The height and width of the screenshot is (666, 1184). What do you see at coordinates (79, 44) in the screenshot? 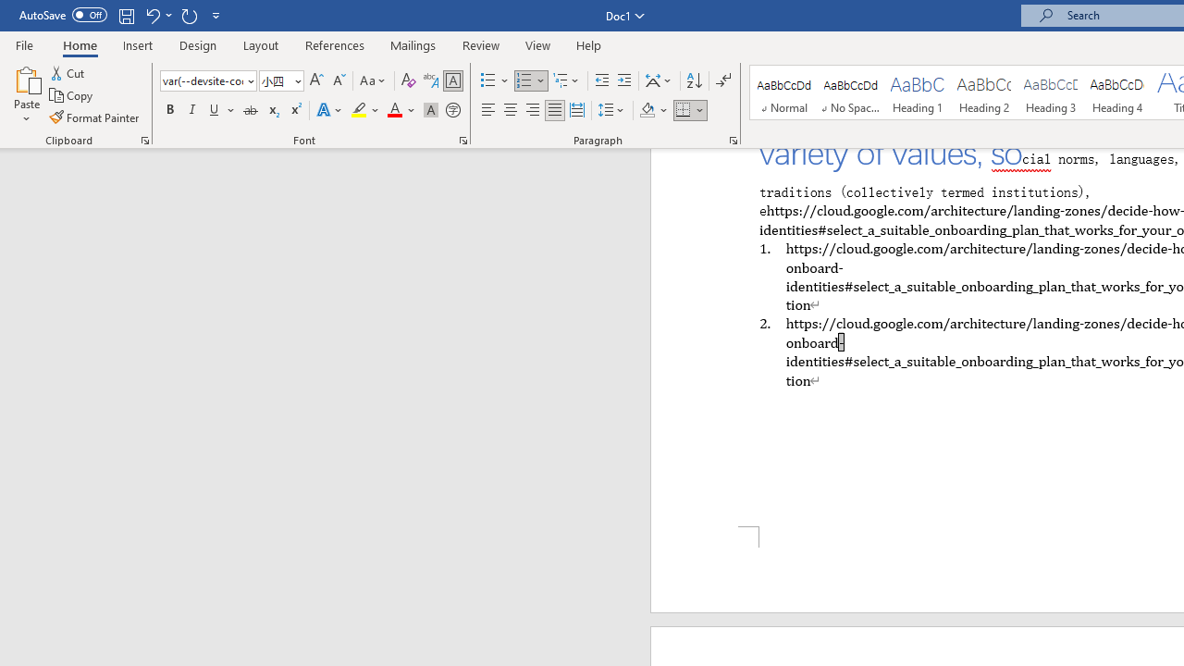
I see `'Home'` at bounding box center [79, 44].